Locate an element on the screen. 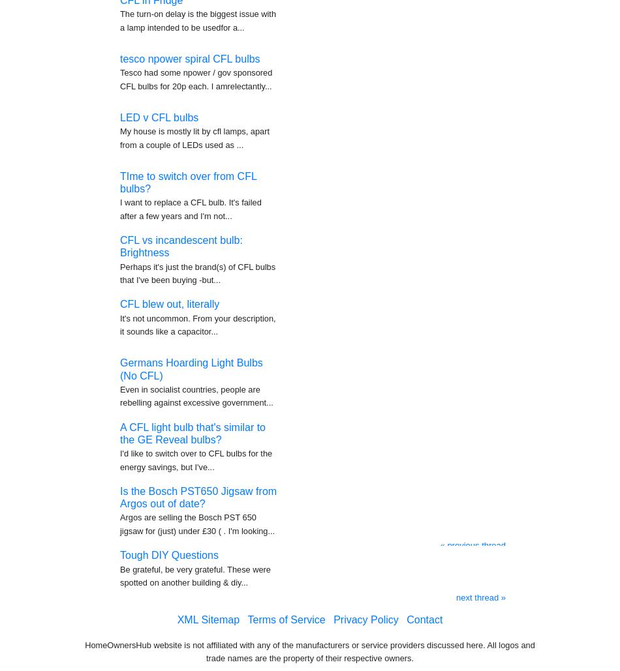  'next thread »' is located at coordinates (480, 591).